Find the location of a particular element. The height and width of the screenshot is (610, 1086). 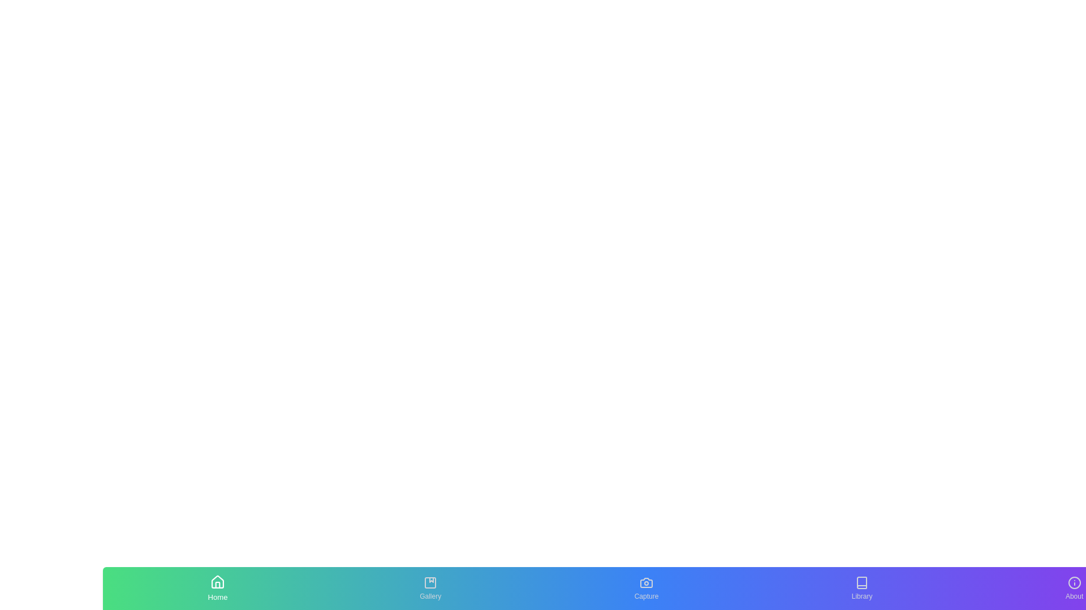

the Home tab is located at coordinates (217, 587).